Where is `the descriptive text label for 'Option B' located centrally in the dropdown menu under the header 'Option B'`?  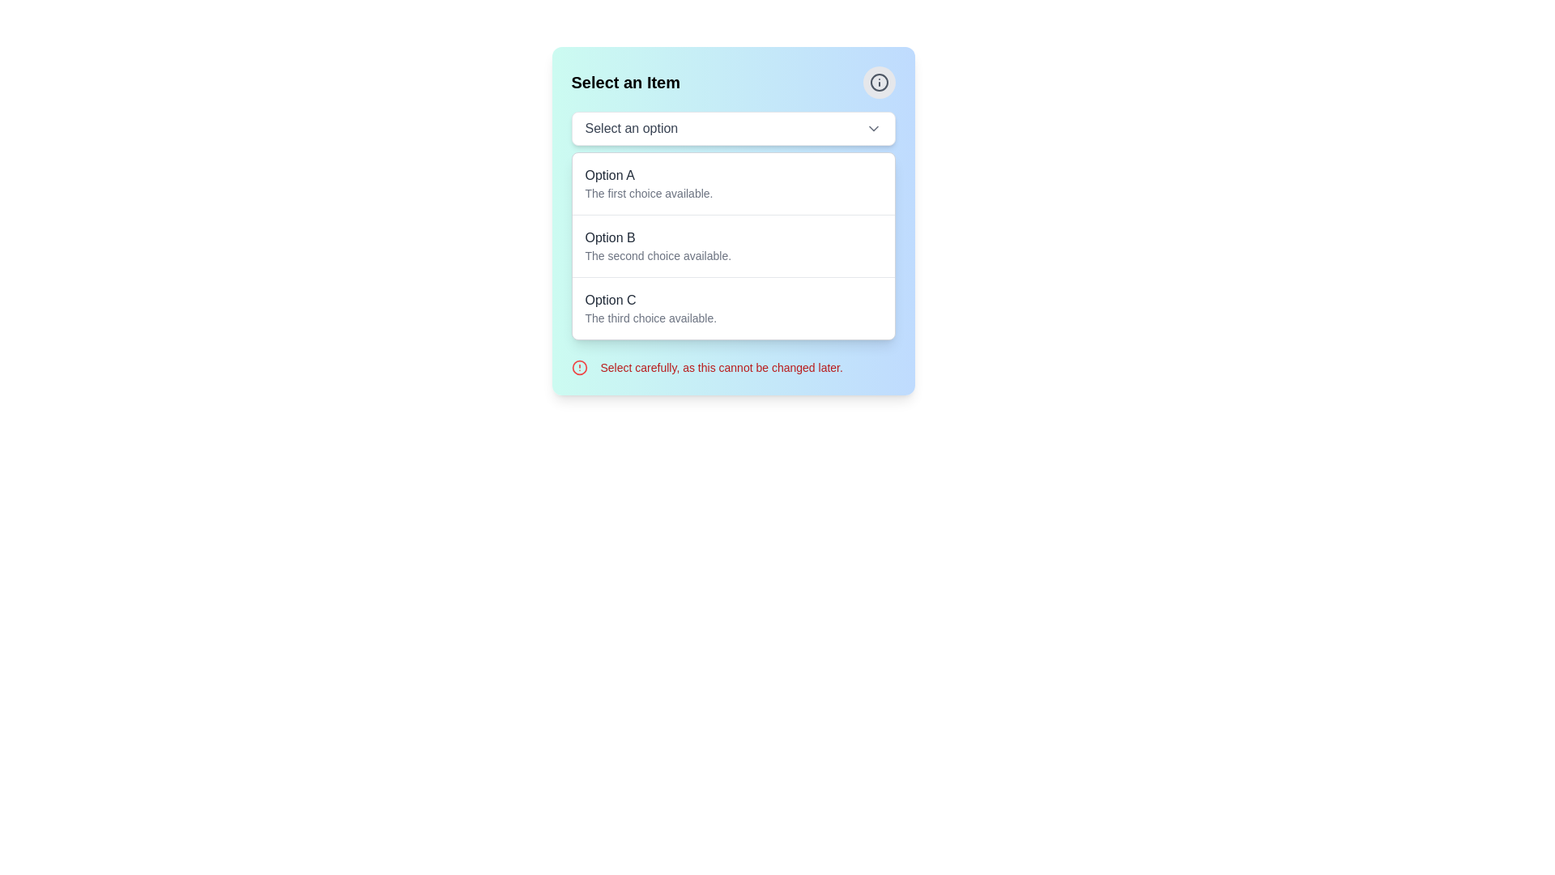
the descriptive text label for 'Option B' located centrally in the dropdown menu under the header 'Option B' is located at coordinates (658, 255).